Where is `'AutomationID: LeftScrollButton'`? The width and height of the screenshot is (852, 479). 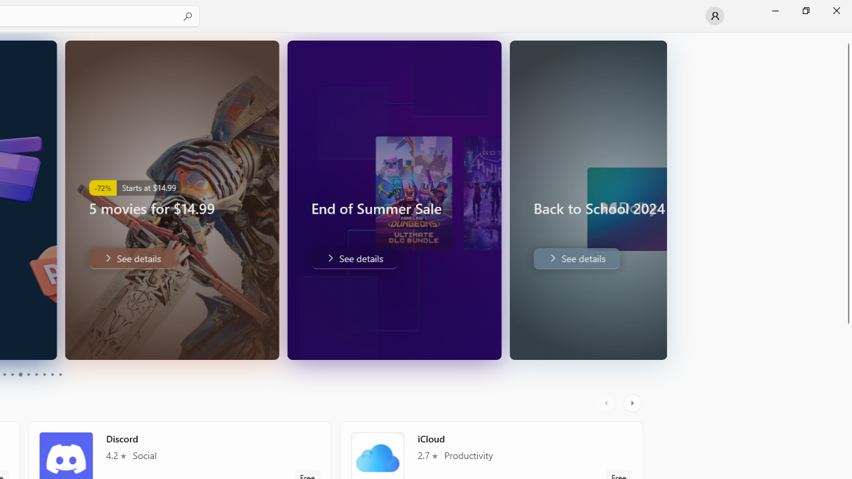 'AutomationID: LeftScrollButton' is located at coordinates (607, 402).